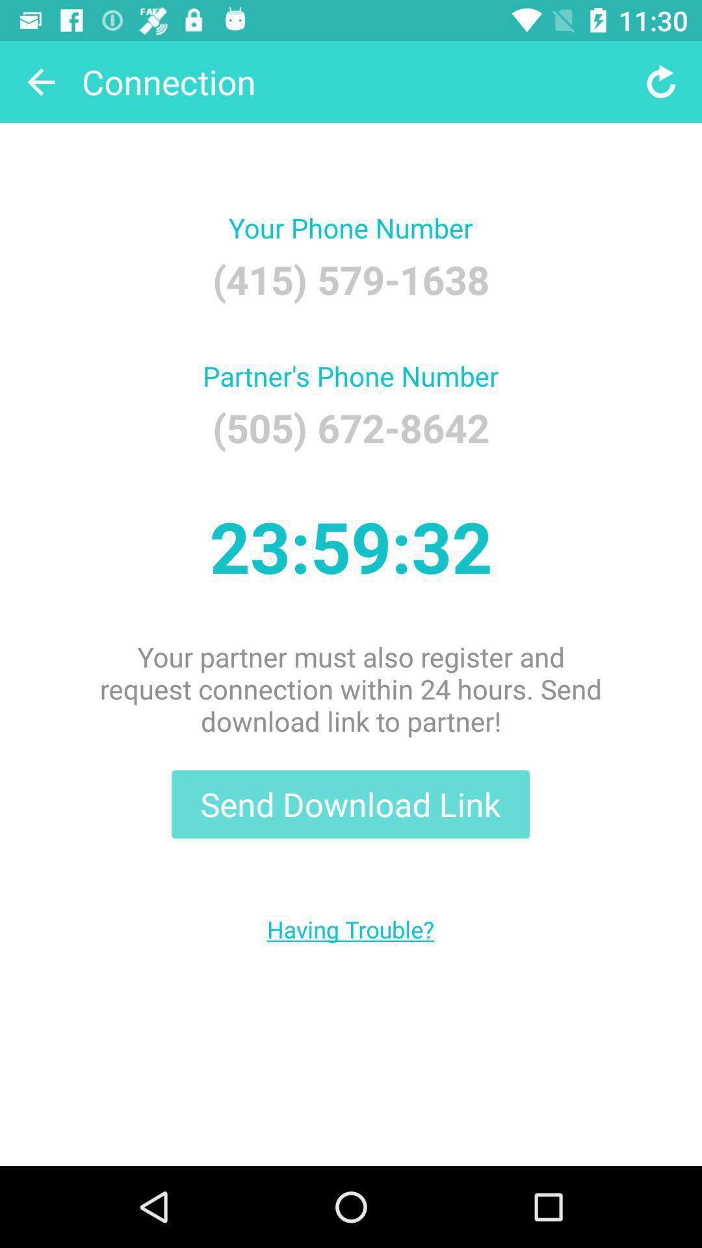 The image size is (702, 1248). Describe the element at coordinates (350, 928) in the screenshot. I see `the having trouble?` at that location.